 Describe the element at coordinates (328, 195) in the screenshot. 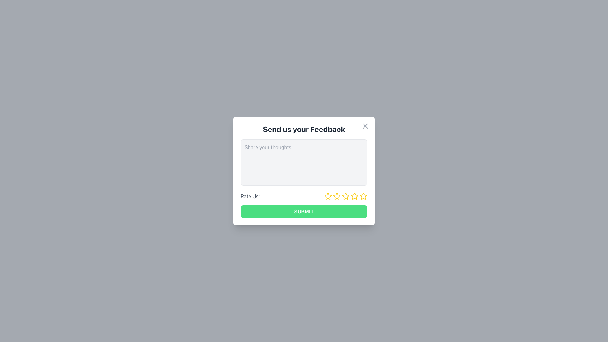

I see `the leftmost star icon with a yellow outline and white-filled interior` at that location.